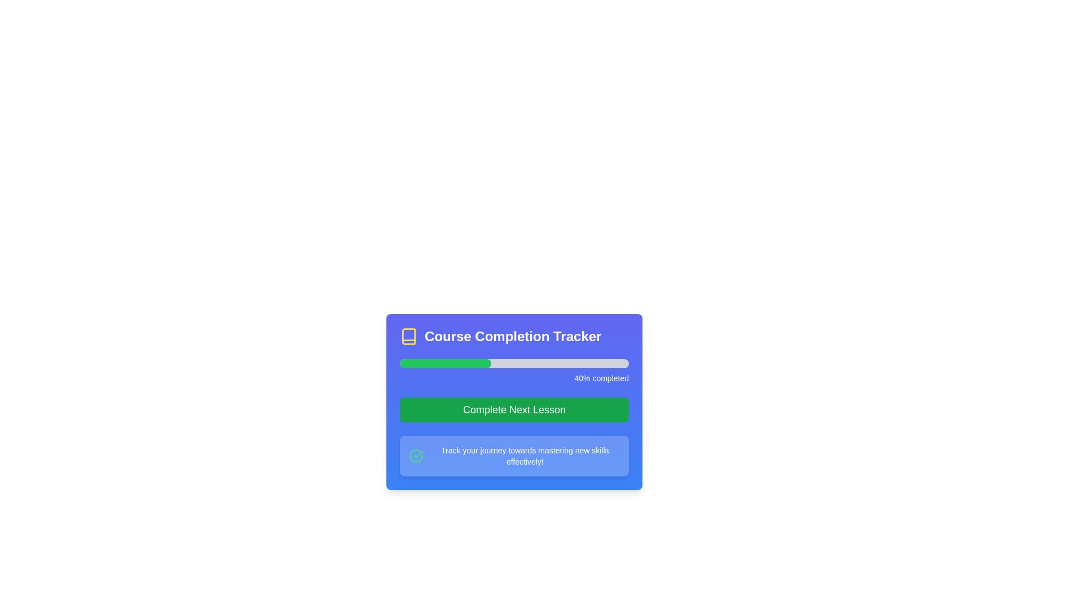  I want to click on the symbolic icon representing the 'Course Completion Tracker' in the blue header, which visually indicates the thematic topic of the section, so click(408, 336).